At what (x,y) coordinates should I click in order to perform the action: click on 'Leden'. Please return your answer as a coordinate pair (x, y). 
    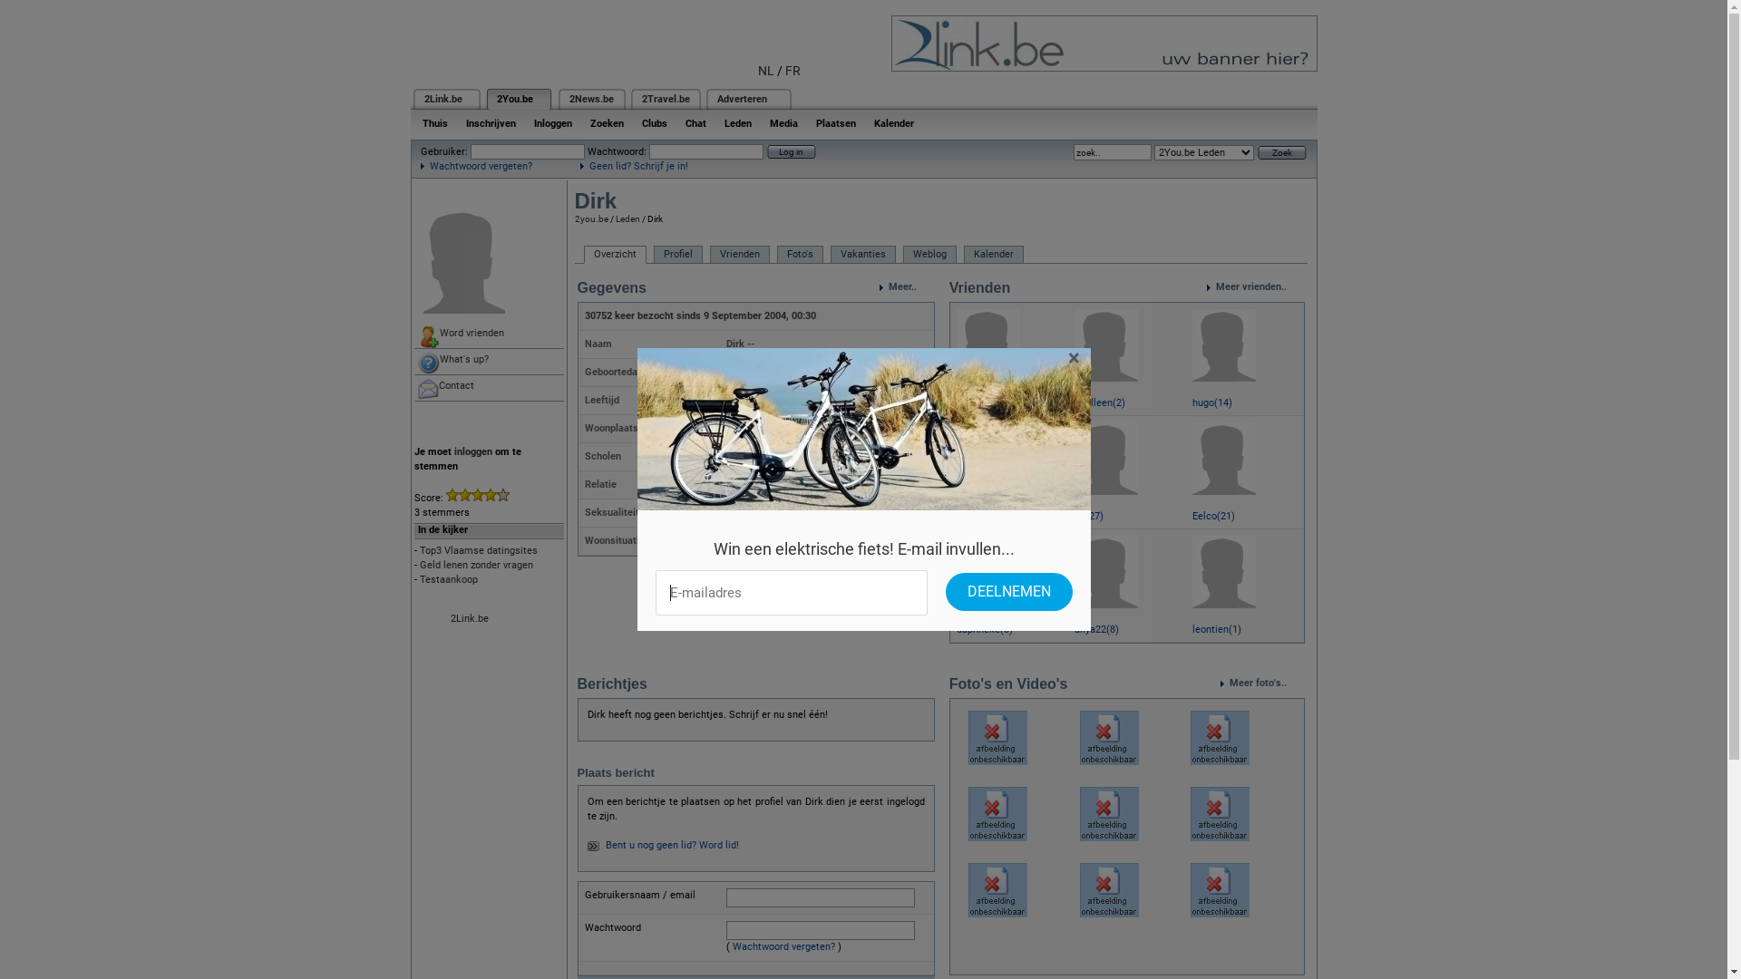
    Looking at the image, I should click on (627, 218).